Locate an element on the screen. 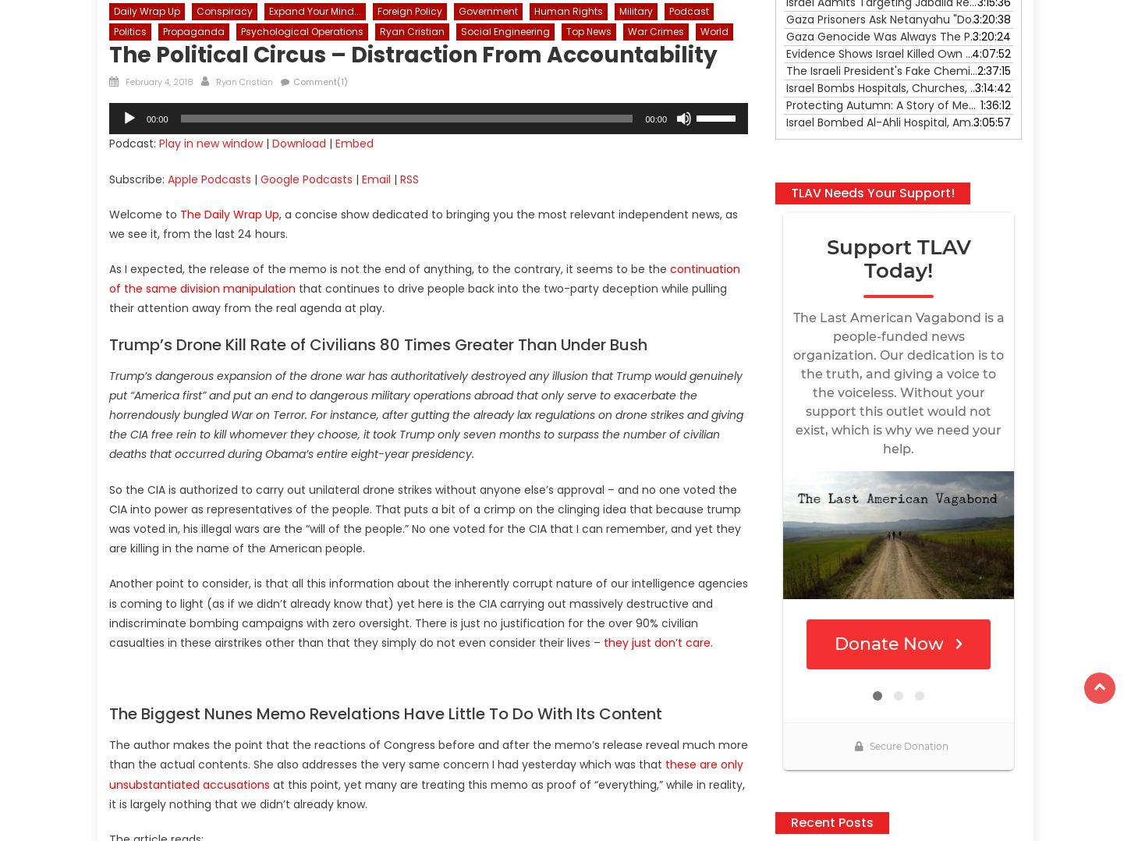  'RSS' is located at coordinates (400, 178).